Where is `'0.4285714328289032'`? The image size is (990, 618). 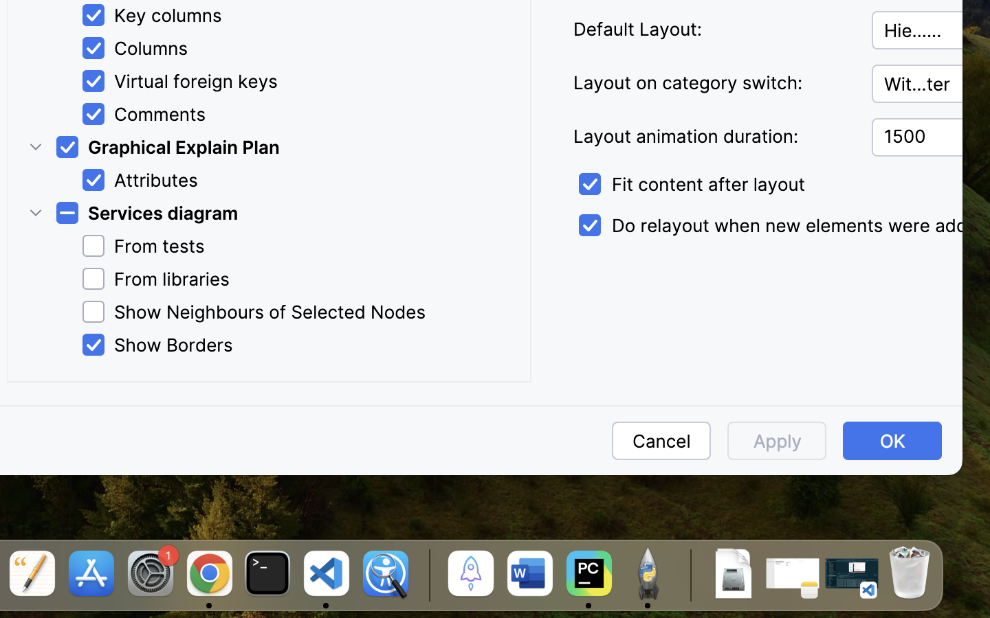
'0.4285714328289032' is located at coordinates (426, 575).